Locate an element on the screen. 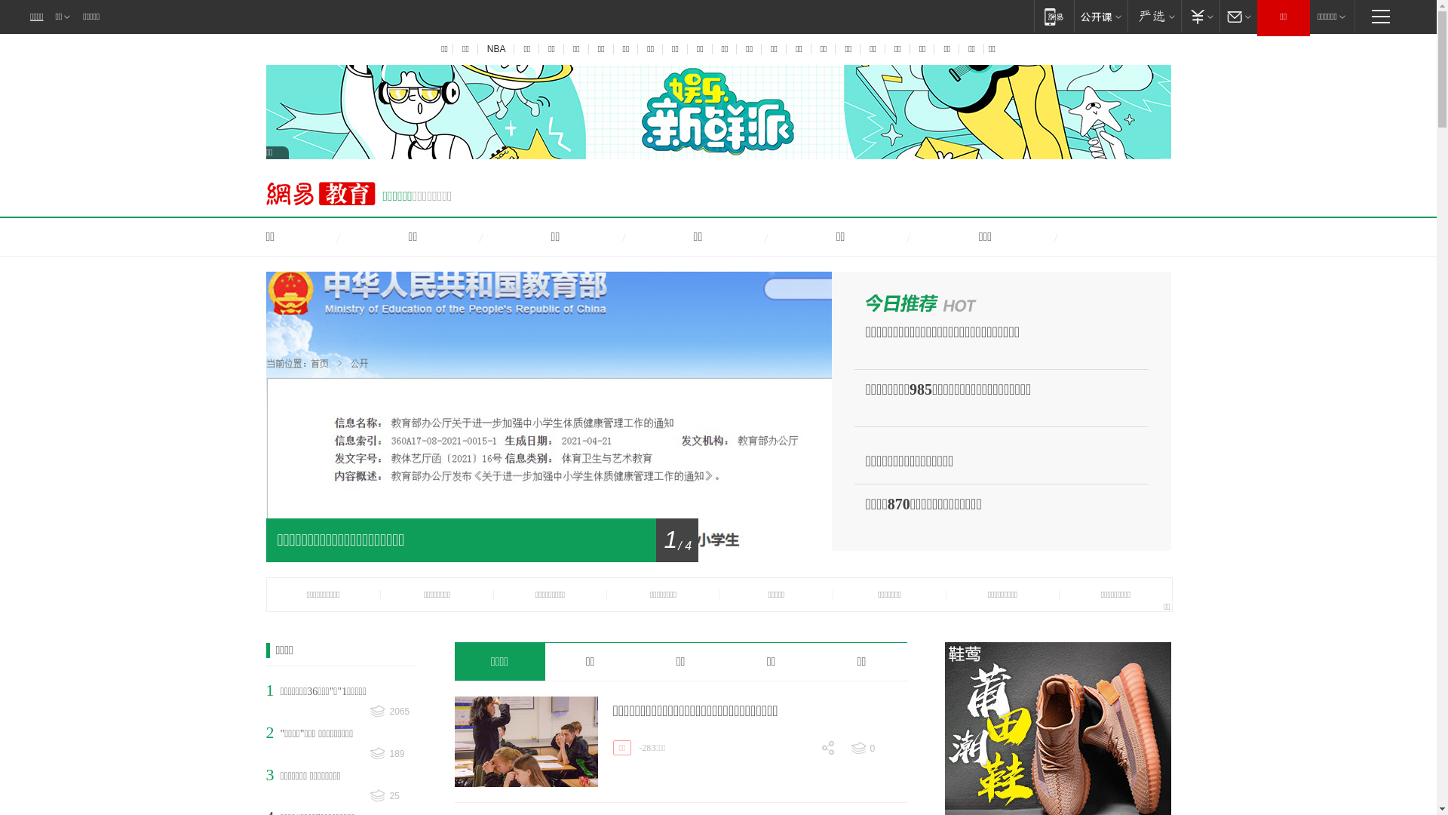 The height and width of the screenshot is (815, 1448). '0' is located at coordinates (879, 748).